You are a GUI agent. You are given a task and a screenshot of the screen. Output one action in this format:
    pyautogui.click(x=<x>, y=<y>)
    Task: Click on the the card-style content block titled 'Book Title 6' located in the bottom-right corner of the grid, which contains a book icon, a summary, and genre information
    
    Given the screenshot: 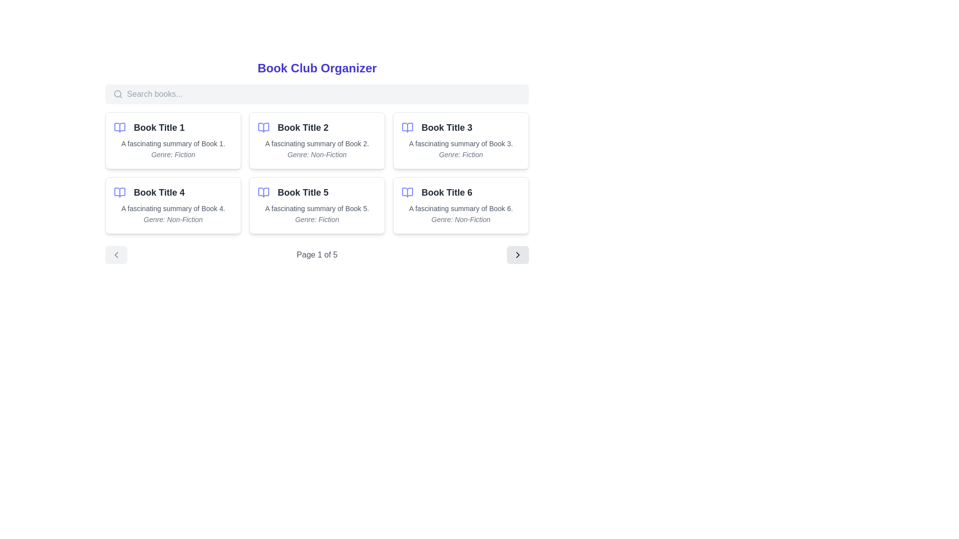 What is the action you would take?
    pyautogui.click(x=460, y=205)
    